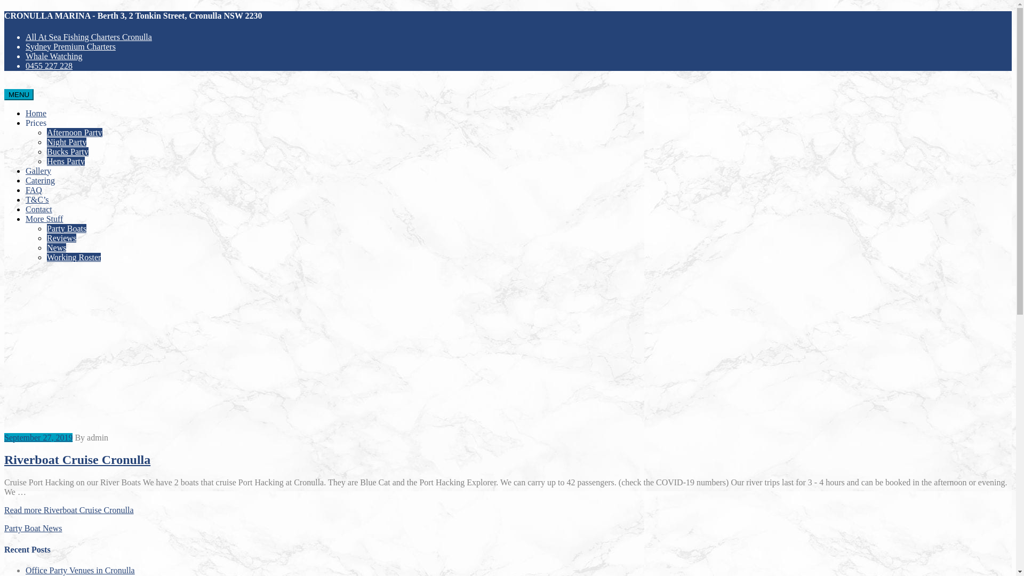  What do you see at coordinates (79, 570) in the screenshot?
I see `'Office Party Venues in Cronulla'` at bounding box center [79, 570].